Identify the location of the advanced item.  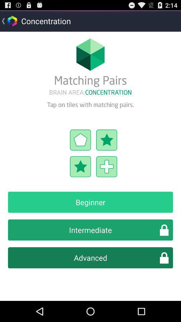
(90, 257).